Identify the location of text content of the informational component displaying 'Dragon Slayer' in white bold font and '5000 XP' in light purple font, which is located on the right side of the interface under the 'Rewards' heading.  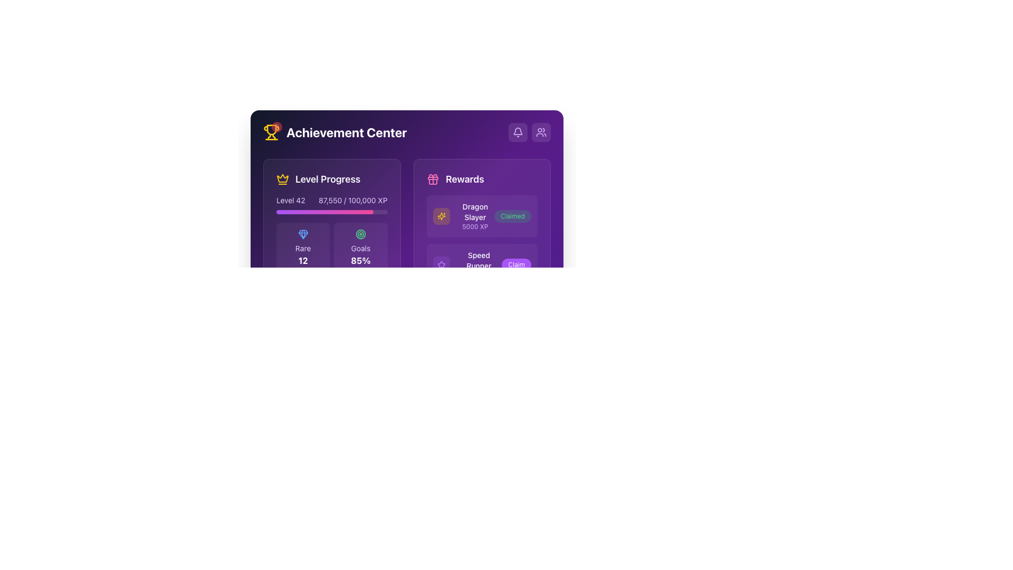
(463, 215).